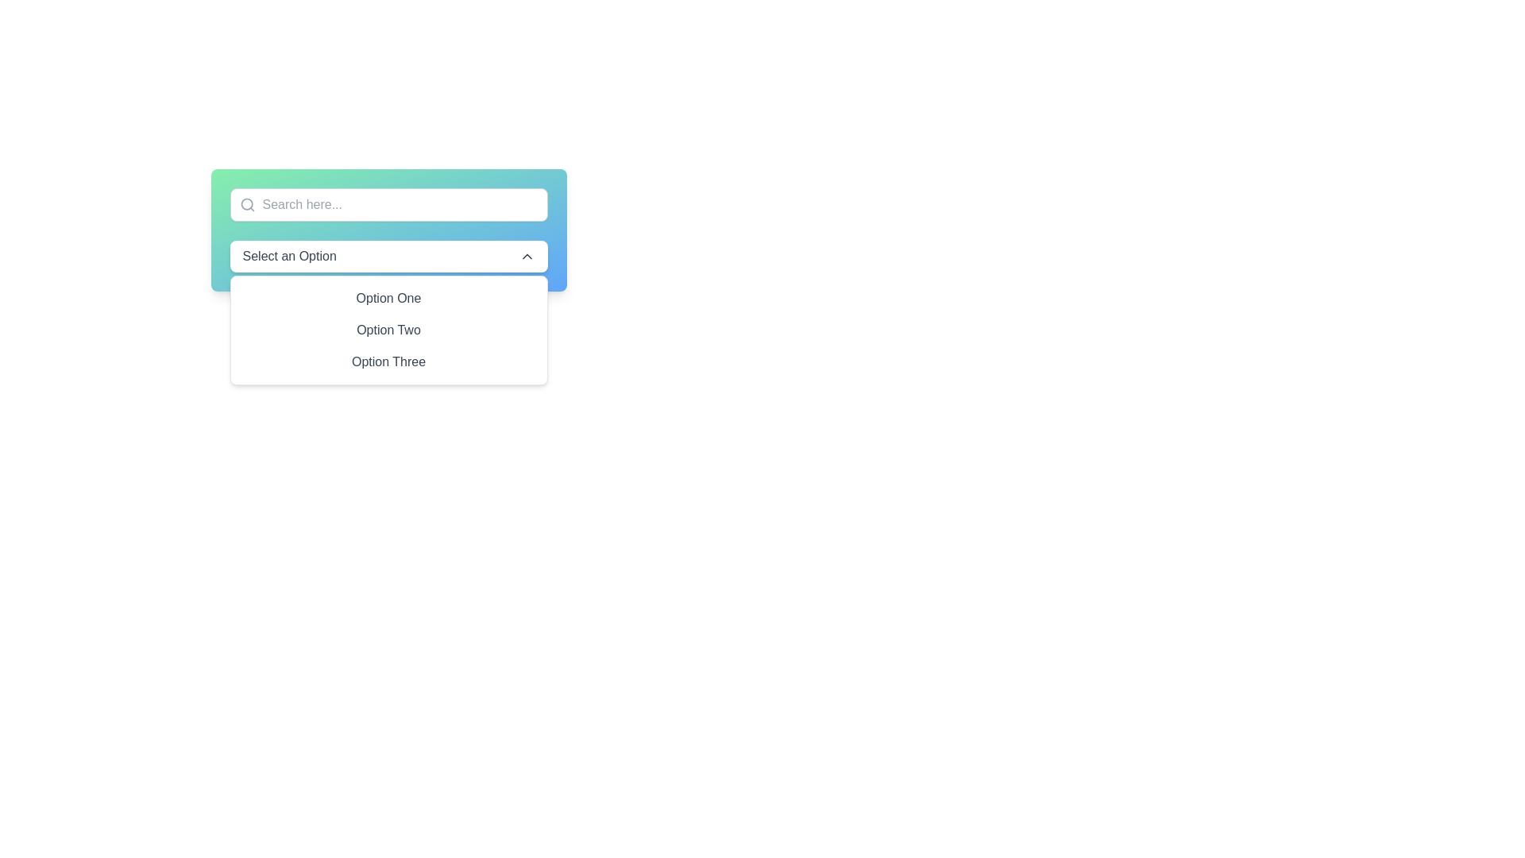 This screenshot has height=858, width=1525. What do you see at coordinates (388, 361) in the screenshot?
I see `the 'Option Three' in the dropdown menu` at bounding box center [388, 361].